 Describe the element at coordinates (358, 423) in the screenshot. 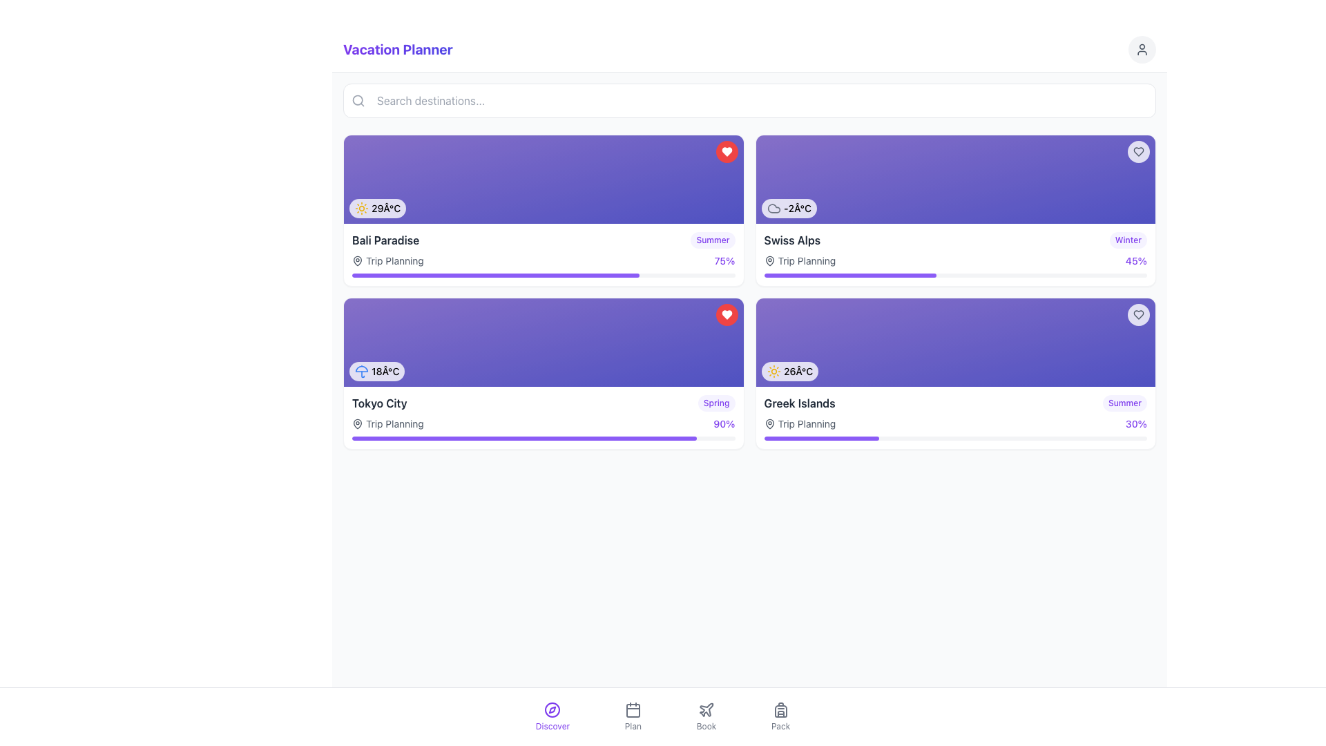

I see `the geographical marker icon located below the 'Trip Planning' text in the 'Tokyo City' card, adjacent to the progress bar and weather icon` at that location.